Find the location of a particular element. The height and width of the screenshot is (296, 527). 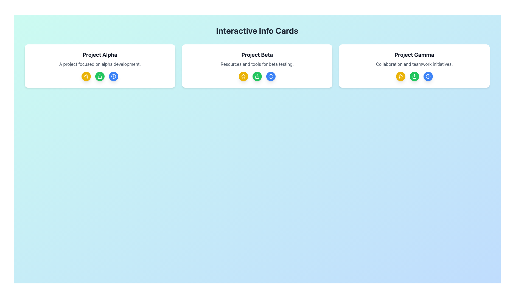

the second button in the horizontal set of three buttons at the bottom of the 'Project Beta' card is located at coordinates (257, 76).